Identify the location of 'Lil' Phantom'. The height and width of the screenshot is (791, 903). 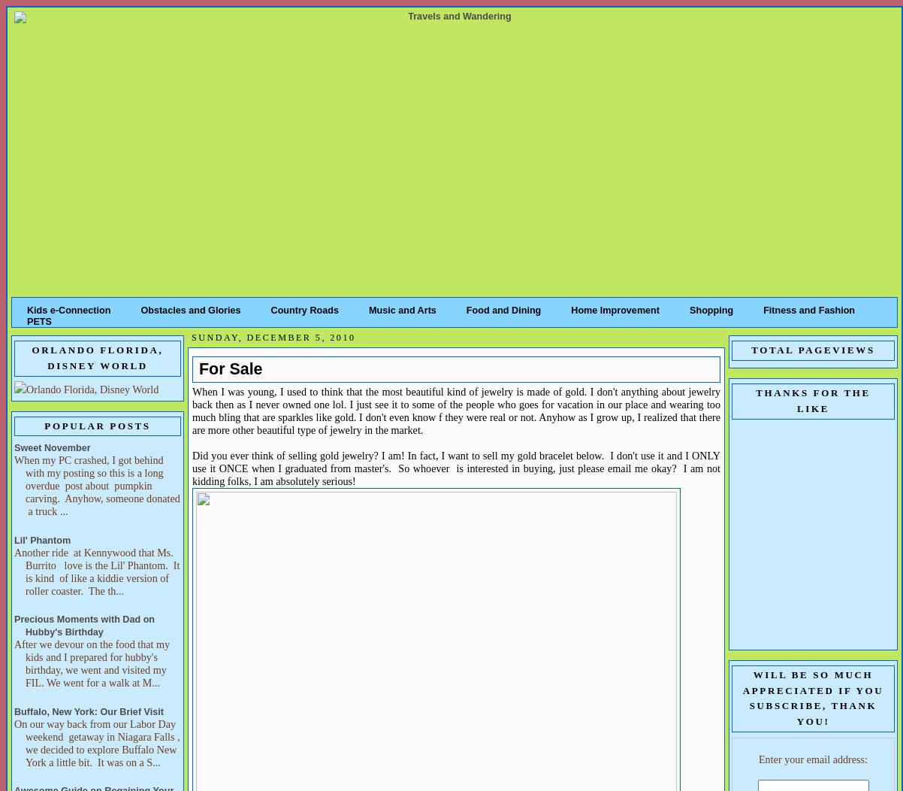
(14, 539).